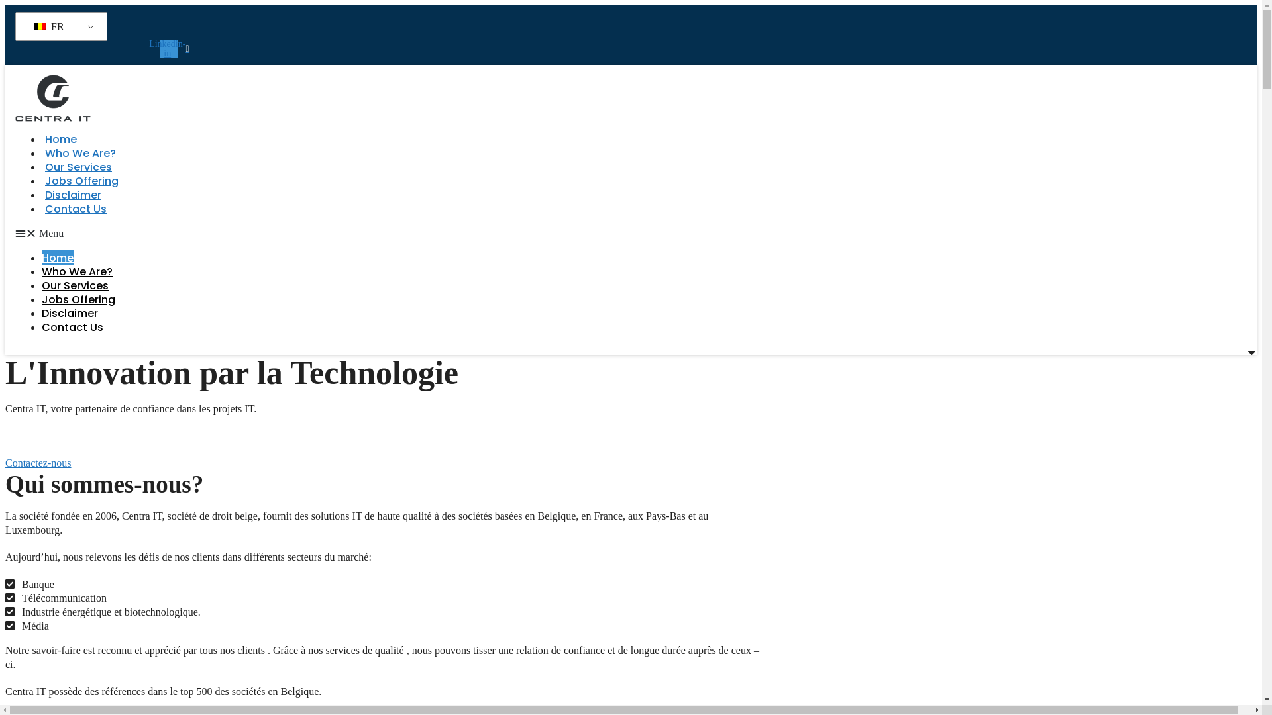 The image size is (1272, 715). What do you see at coordinates (78, 299) in the screenshot?
I see `'Jobs Offering'` at bounding box center [78, 299].